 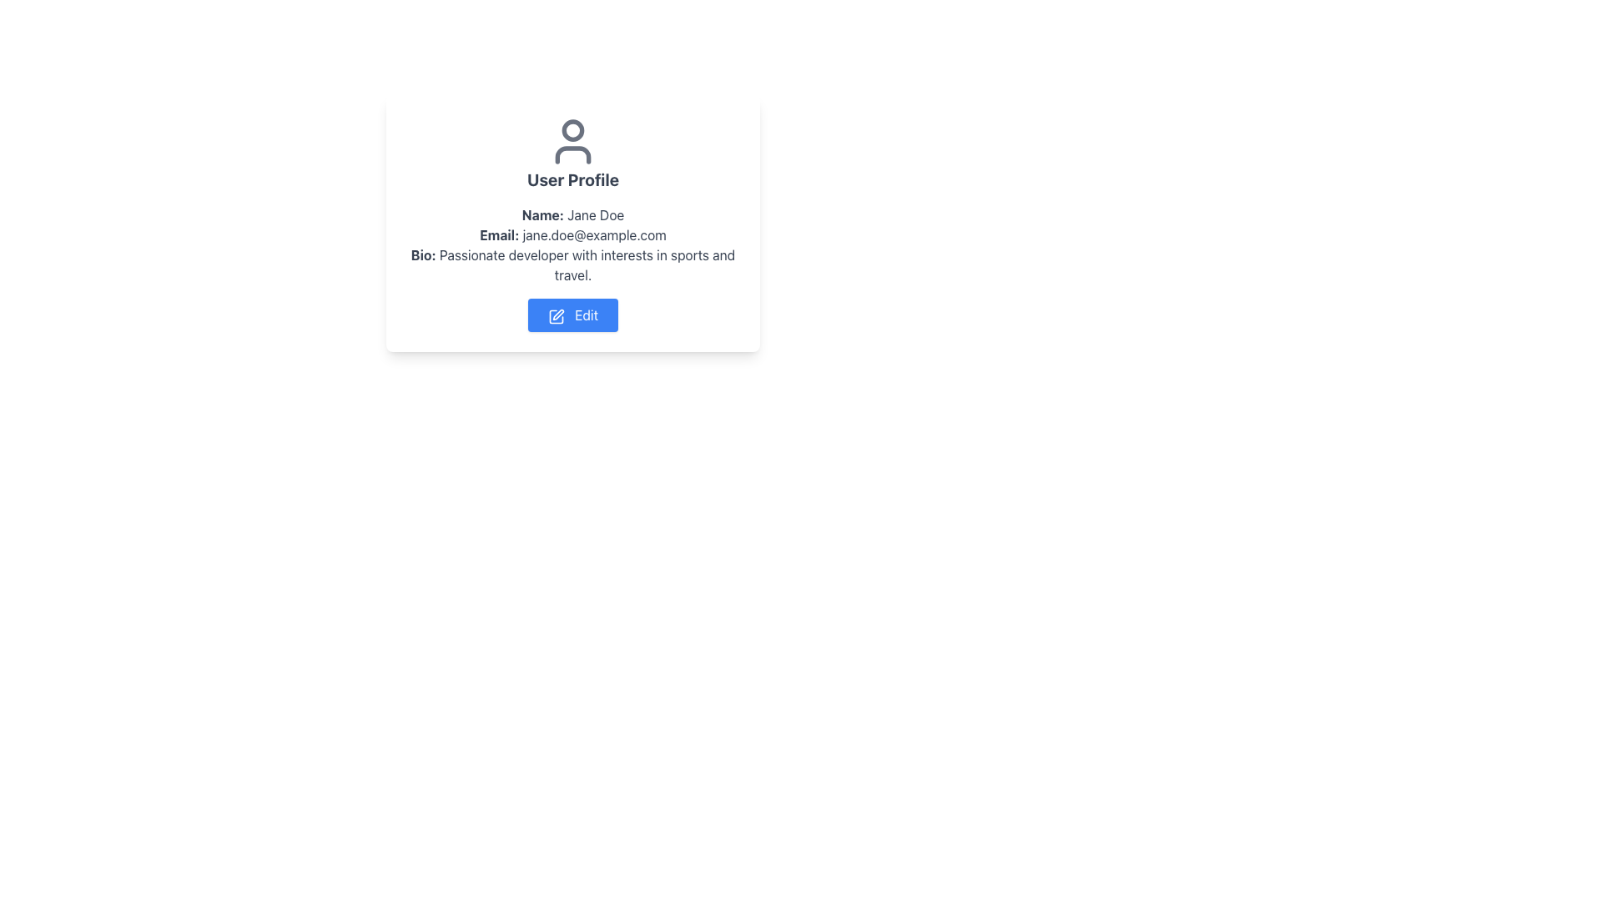 What do you see at coordinates (572, 214) in the screenshot?
I see `the text label displaying 'Name: Jane Doe', which is styled in gray and positioned below the 'User Profile' title in the profile content area` at bounding box center [572, 214].